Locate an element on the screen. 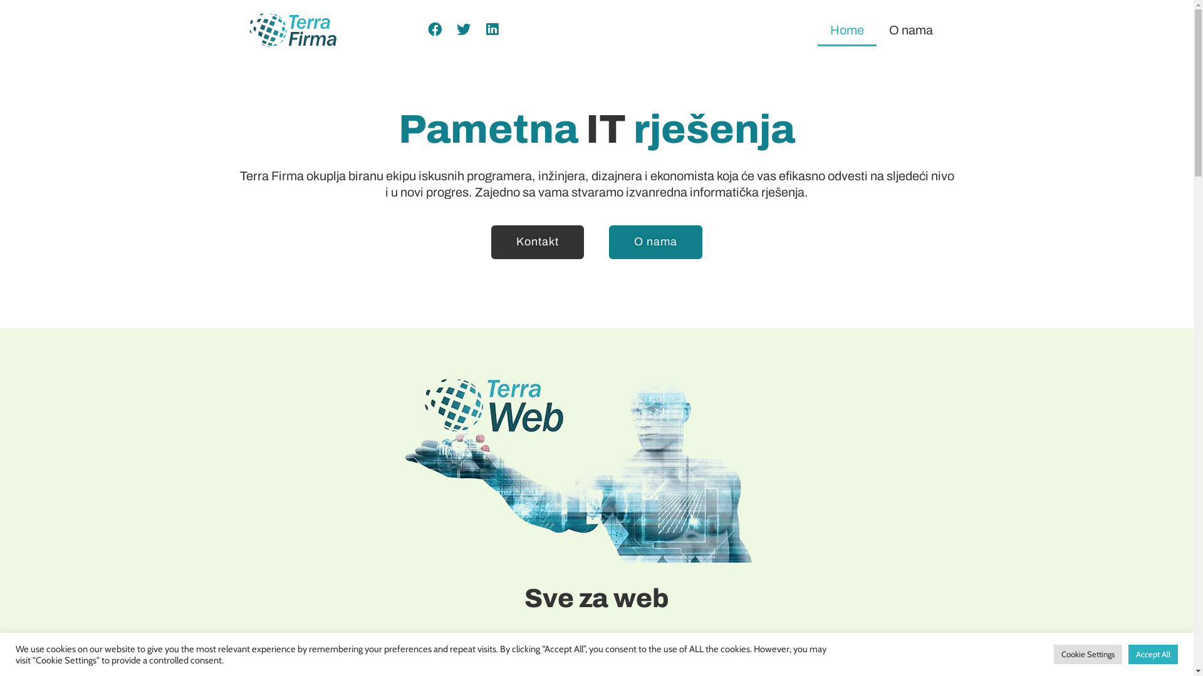 Image resolution: width=1203 pixels, height=676 pixels. 'Home' is located at coordinates (847, 29).